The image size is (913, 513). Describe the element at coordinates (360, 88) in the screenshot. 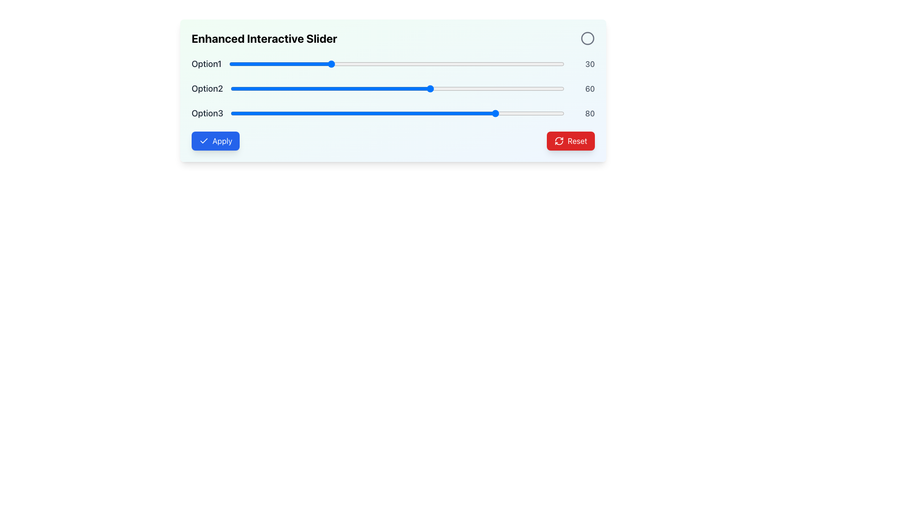

I see `the slider for 'Option2'` at that location.